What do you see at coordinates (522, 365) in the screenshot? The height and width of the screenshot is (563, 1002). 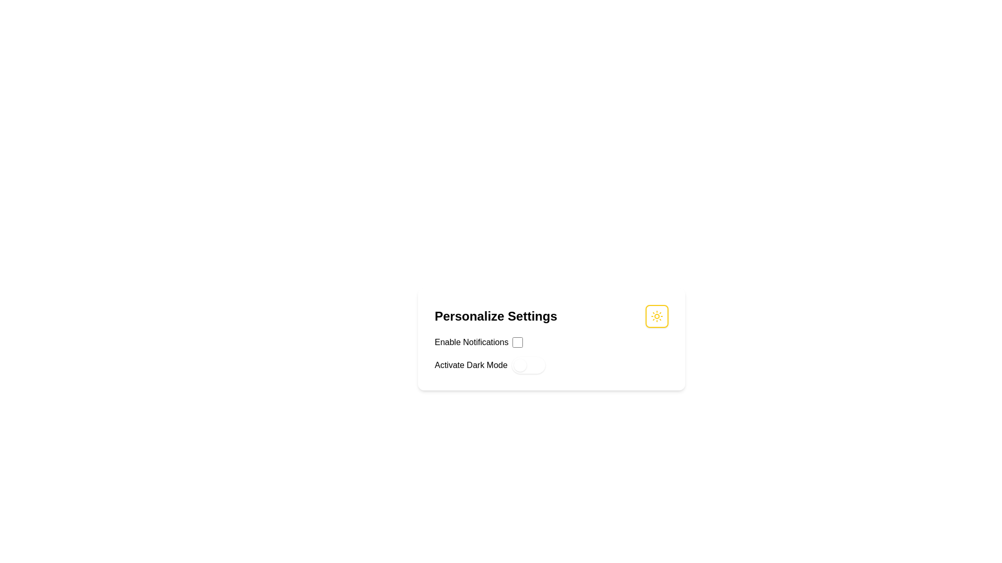 I see `the toggle` at bounding box center [522, 365].